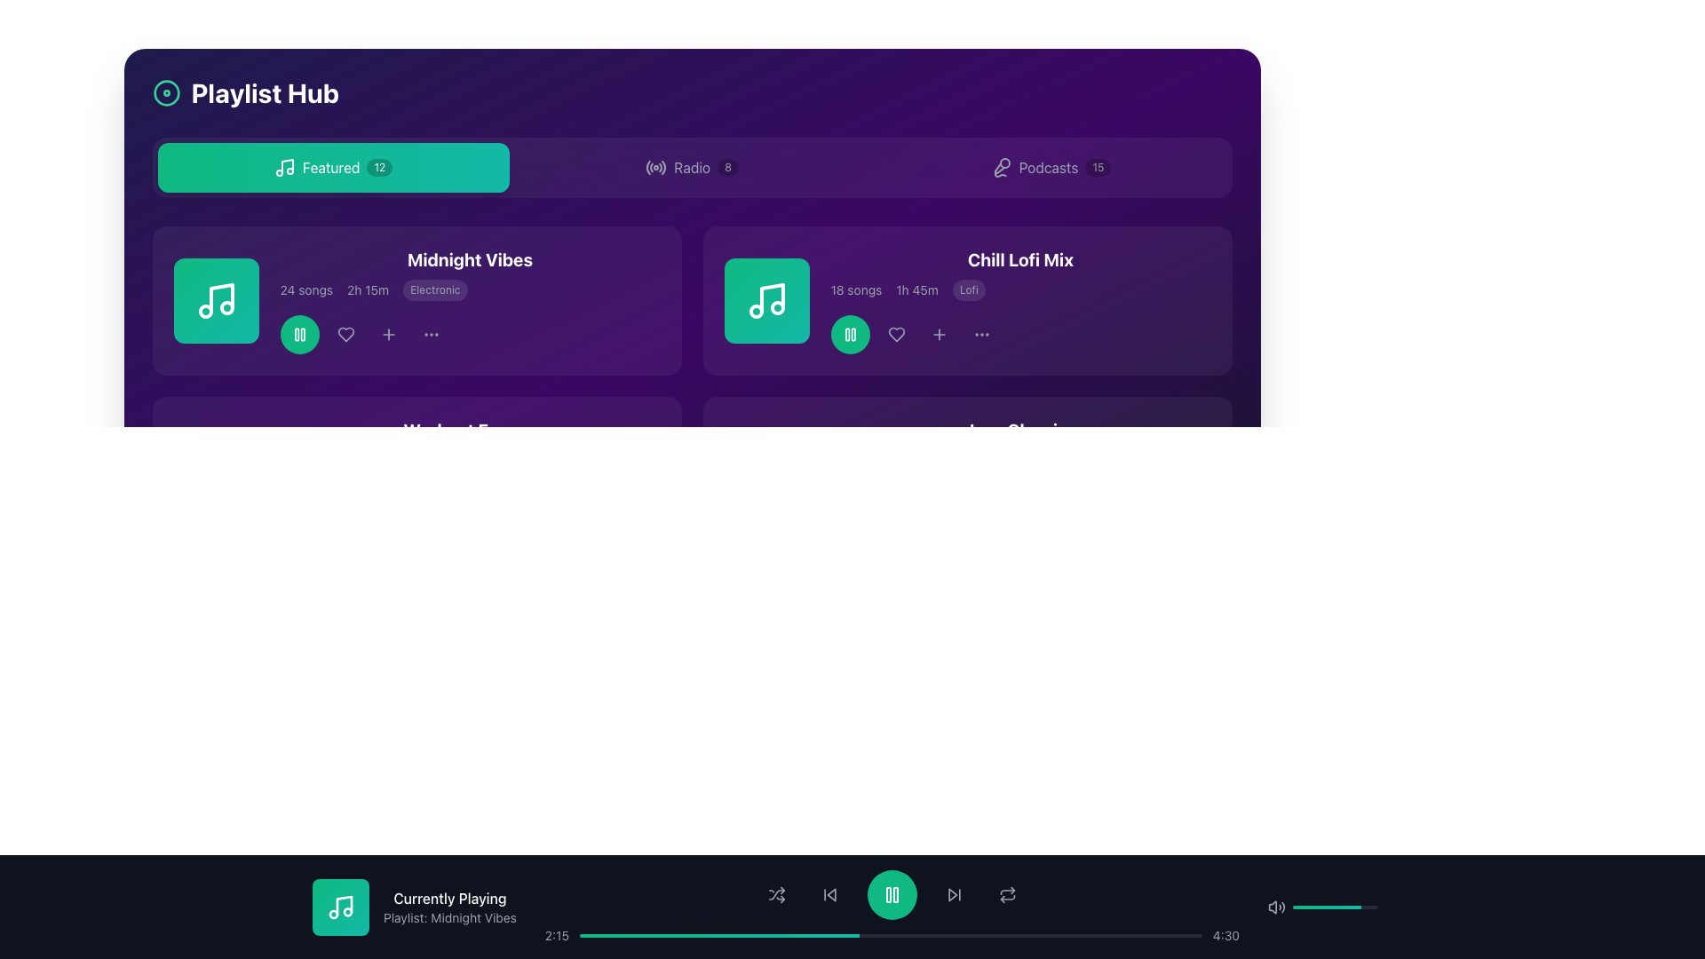  I want to click on the text label providing information about the 'Chill Lofi Mix' playlist, which is located in the upper-right quadrant of the interface, aligned with other playlist cards, so click(966, 300).